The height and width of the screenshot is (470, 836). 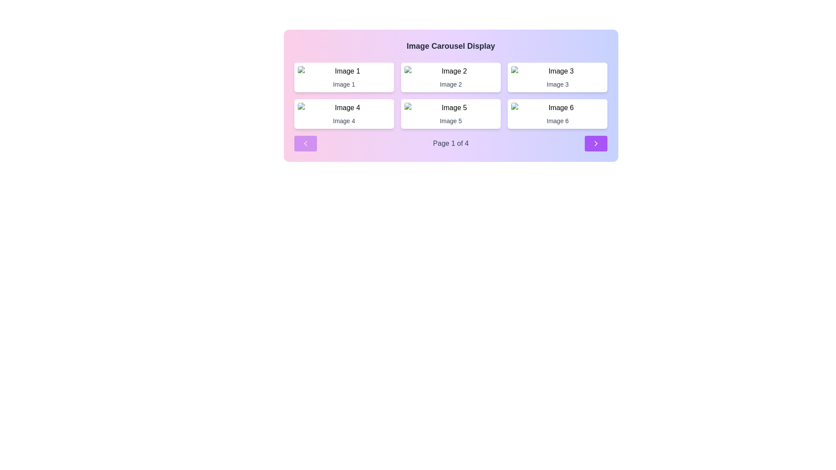 I want to click on the text label displaying 'Image 5', which is gray-colored and located below the corresponding image placeholder in the image carousel interface, so click(x=451, y=121).